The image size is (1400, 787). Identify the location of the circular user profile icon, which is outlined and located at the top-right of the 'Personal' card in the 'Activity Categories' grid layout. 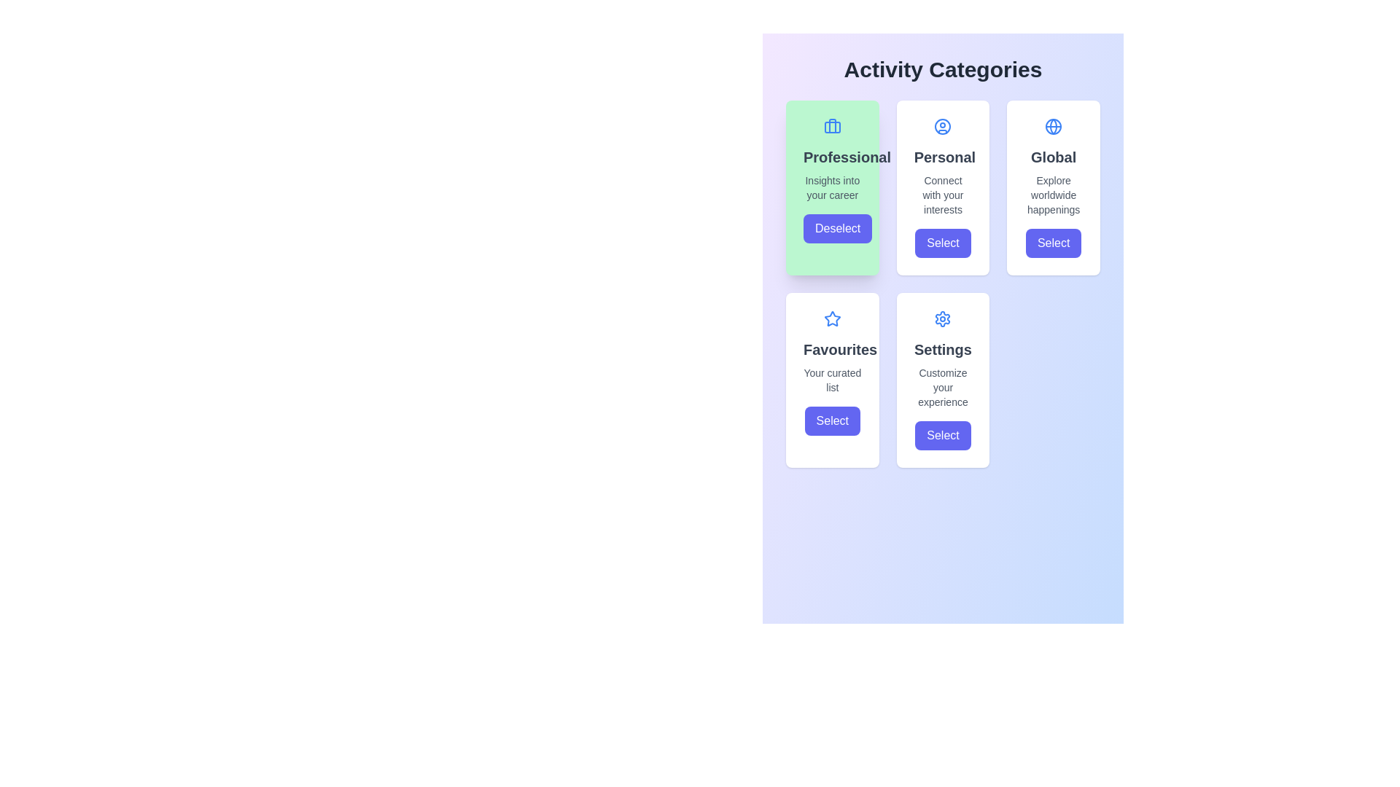
(943, 125).